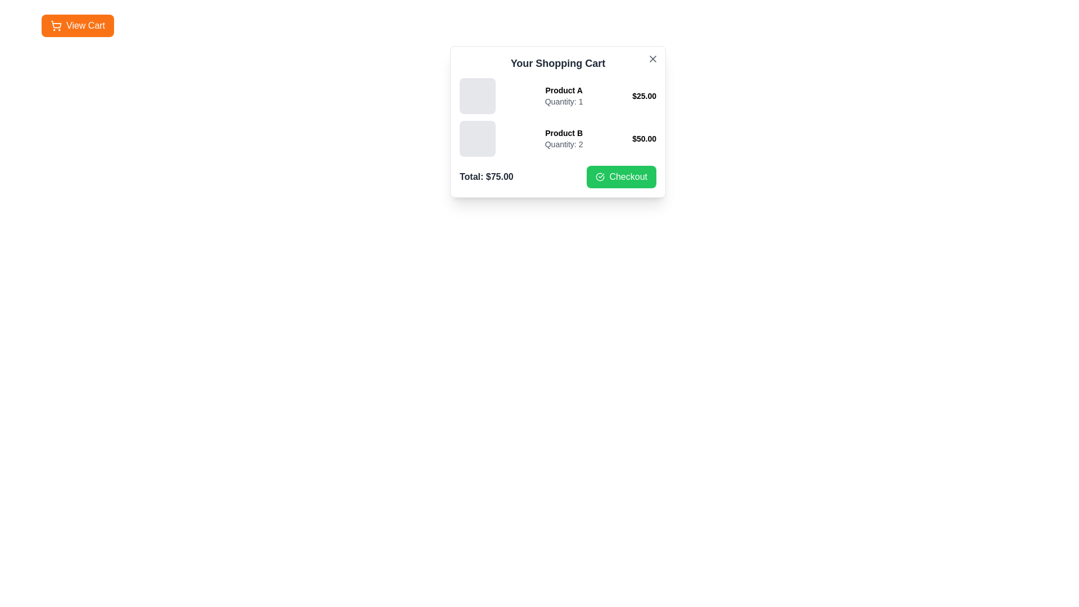  I want to click on the first product information block in the shopping cart that displays its name, quantity, and price, located directly above the entry for 'Product B', so click(558, 95).